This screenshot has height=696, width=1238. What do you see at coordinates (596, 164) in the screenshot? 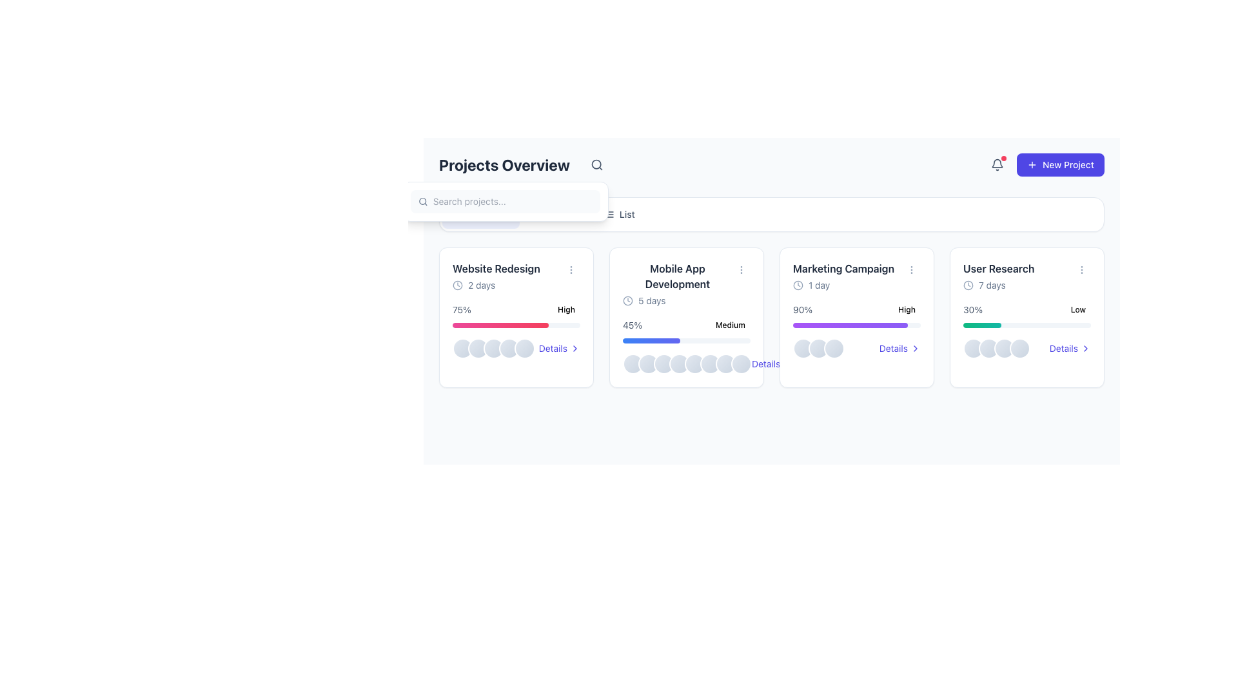
I see `the magnifying glass icon located in the top-right section of the header bar, to the right of the 'Projects Overview' text` at bounding box center [596, 164].